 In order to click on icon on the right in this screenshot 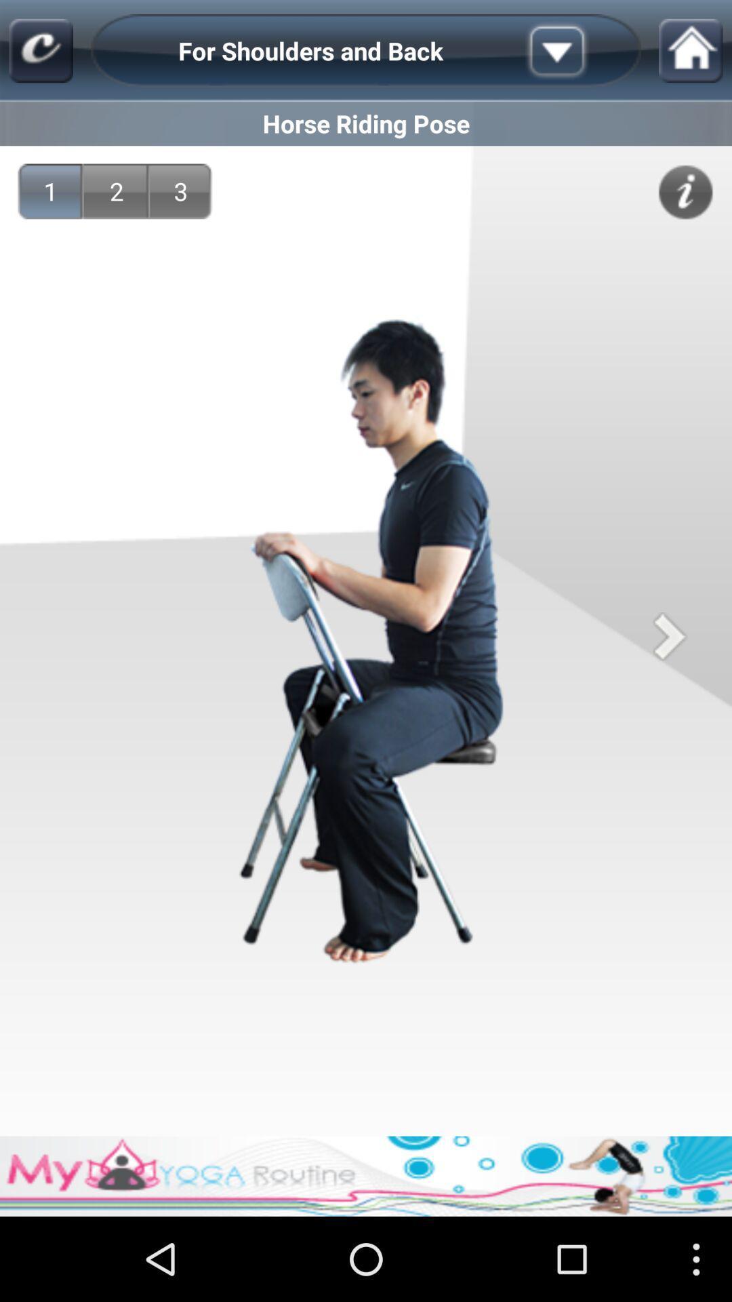, I will do `click(669, 635)`.